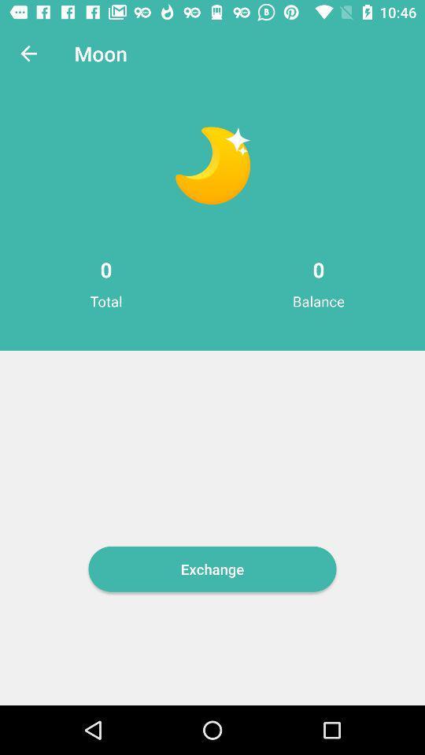  I want to click on the icon to the left of moon, so click(28, 53).